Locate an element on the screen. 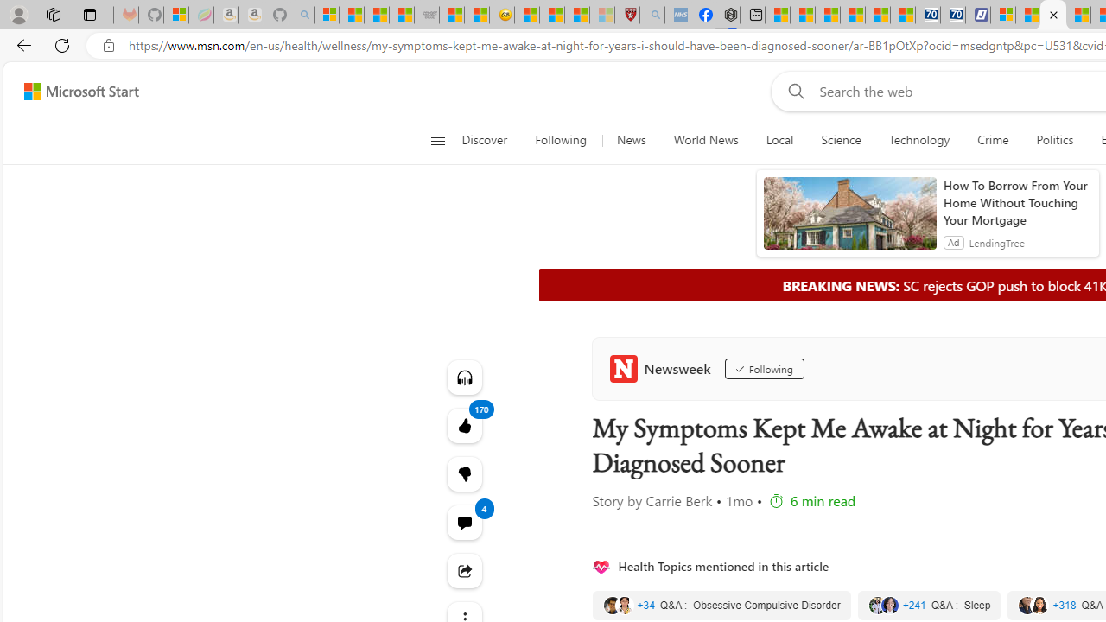 Image resolution: width=1106 pixels, height=622 pixels. 'Technology' is located at coordinates (918, 140).